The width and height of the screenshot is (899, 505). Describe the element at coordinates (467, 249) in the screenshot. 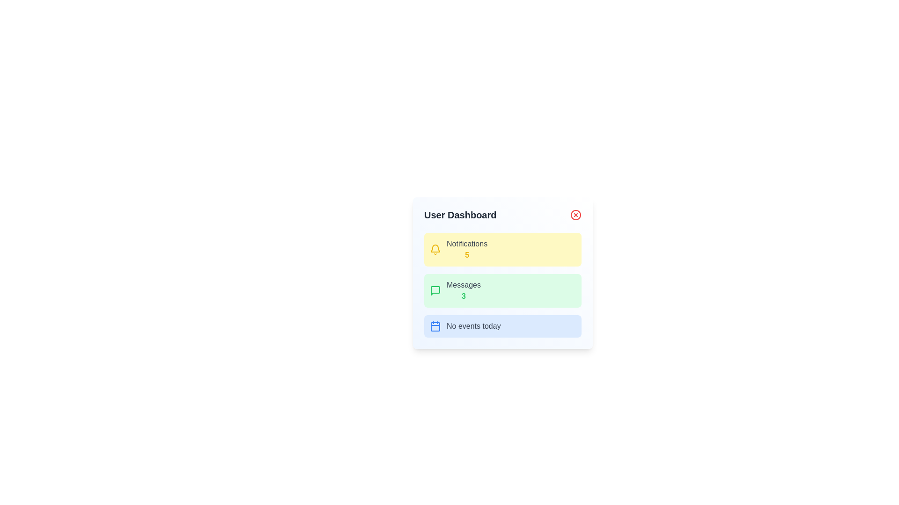

I see `text label that shows 'Notifications' in gray and the number '5' in bold yellow, located in the yellow section of the user dashboard` at that location.